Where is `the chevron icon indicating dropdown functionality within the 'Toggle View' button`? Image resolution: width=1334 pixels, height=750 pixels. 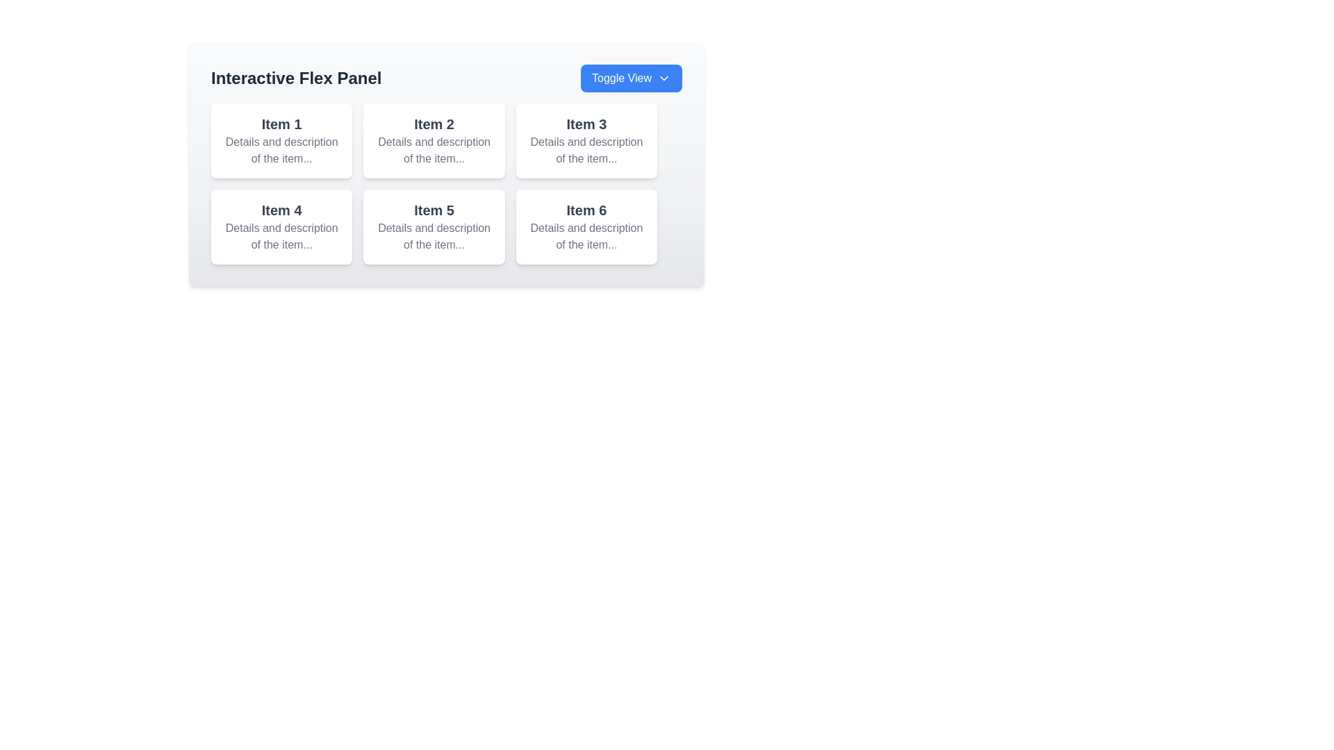 the chevron icon indicating dropdown functionality within the 'Toggle View' button is located at coordinates (663, 78).